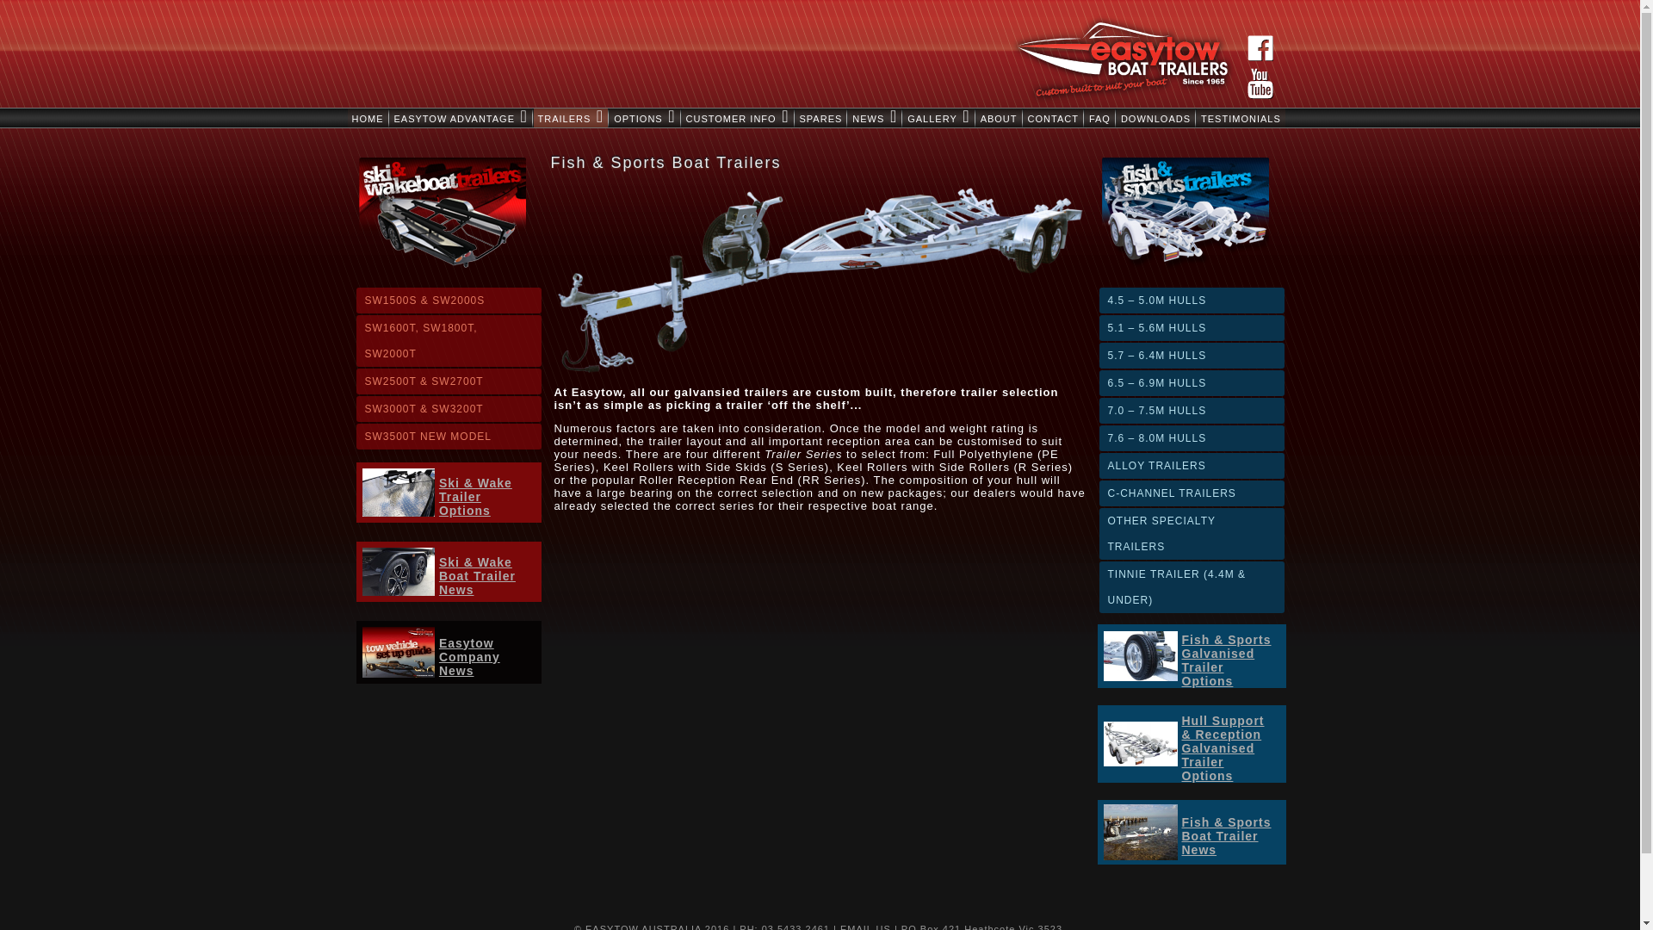  I want to click on 'ABOUT', so click(975, 117).